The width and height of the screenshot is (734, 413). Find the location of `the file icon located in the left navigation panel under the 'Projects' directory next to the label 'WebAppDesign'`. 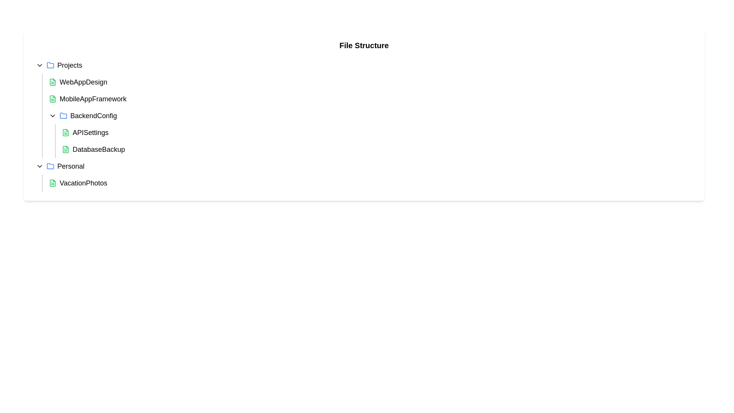

the file icon located in the left navigation panel under the 'Projects' directory next to the label 'WebAppDesign' is located at coordinates (52, 82).